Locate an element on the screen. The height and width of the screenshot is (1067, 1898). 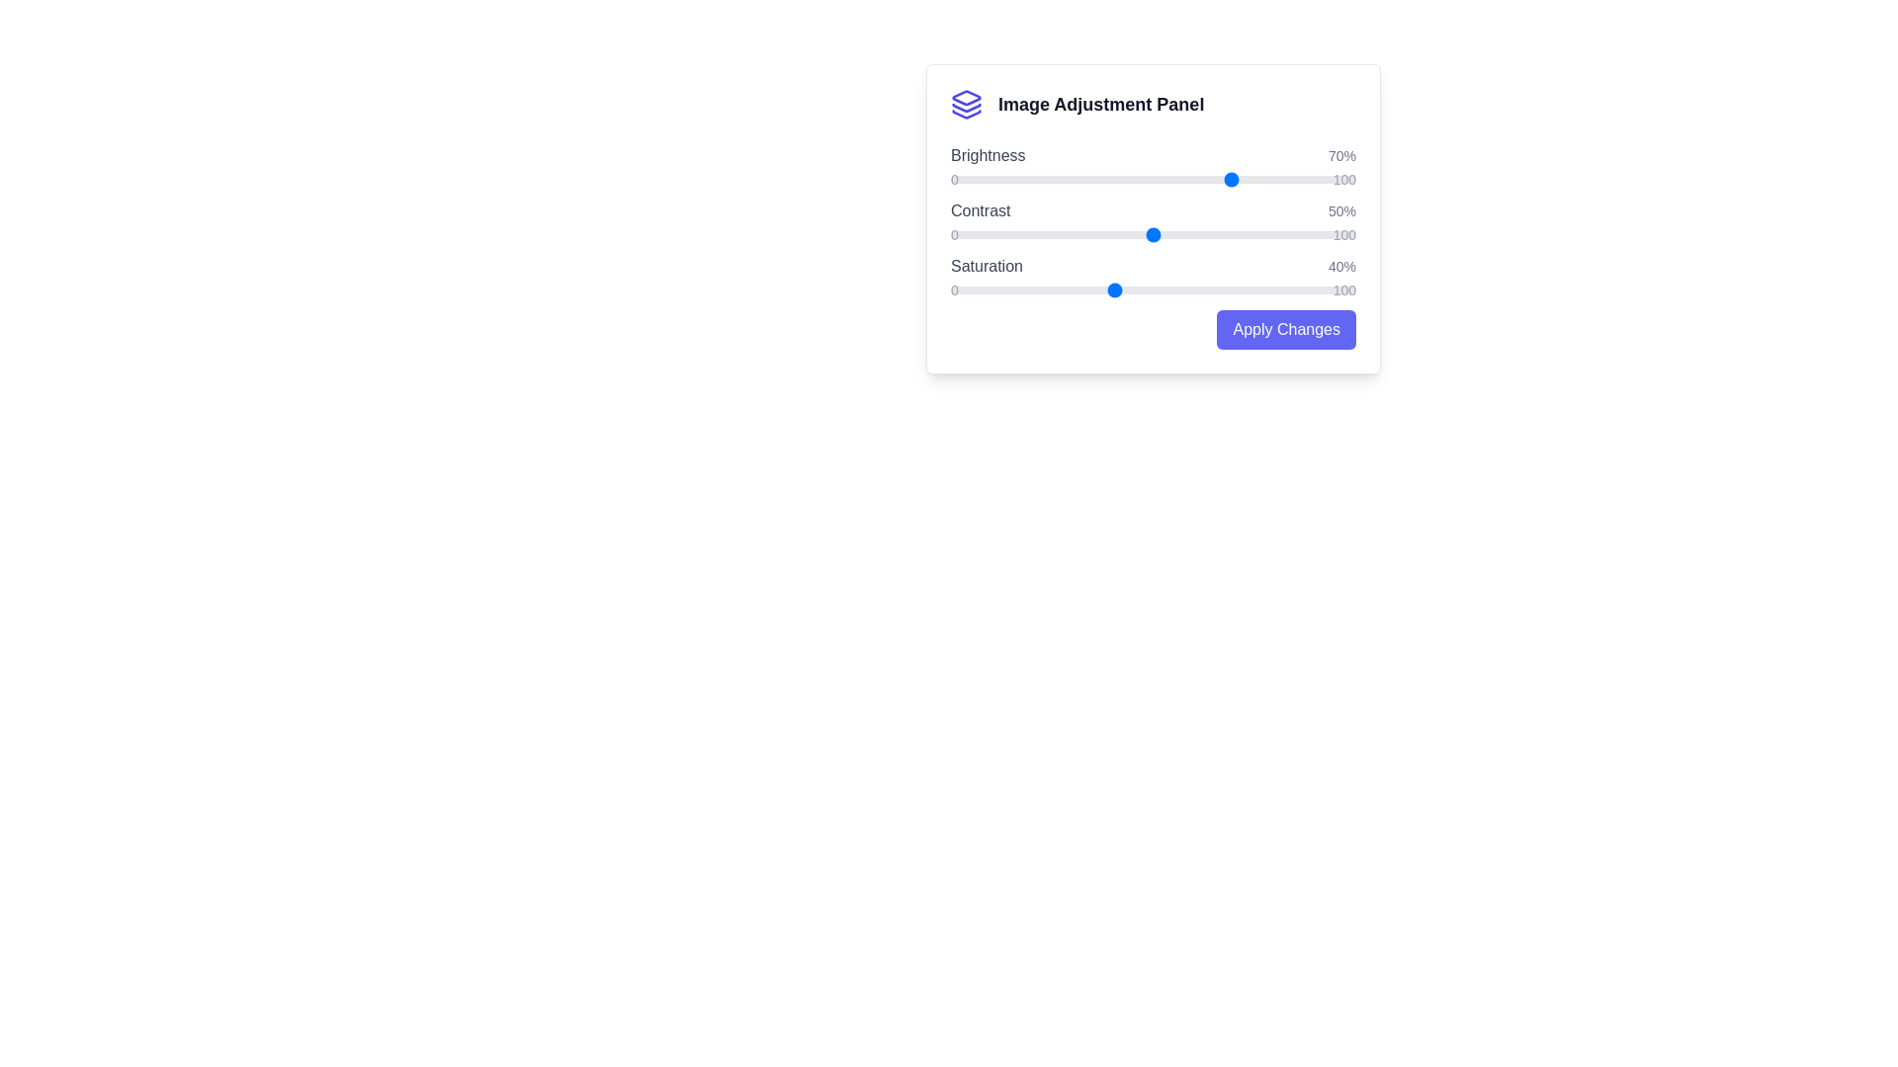
'Apply Changes' button to confirm adjustments is located at coordinates (1286, 329).